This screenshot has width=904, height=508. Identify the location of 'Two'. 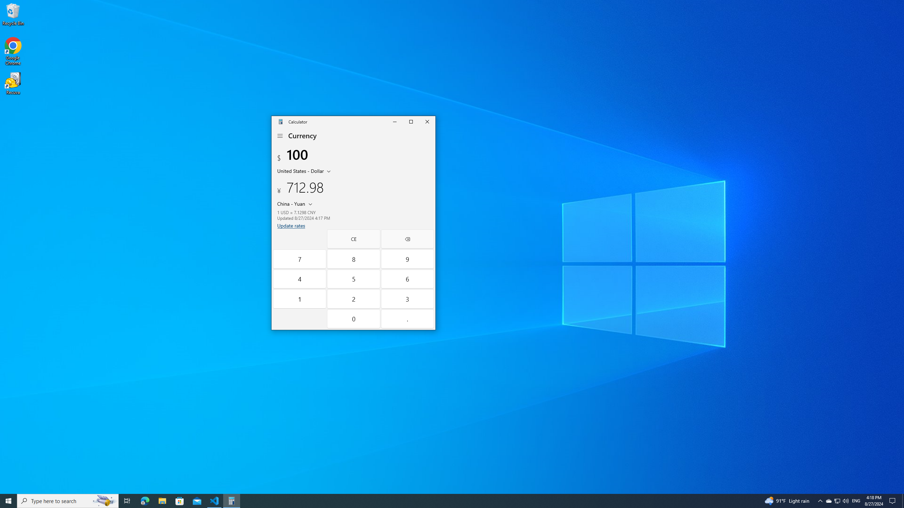
(354, 298).